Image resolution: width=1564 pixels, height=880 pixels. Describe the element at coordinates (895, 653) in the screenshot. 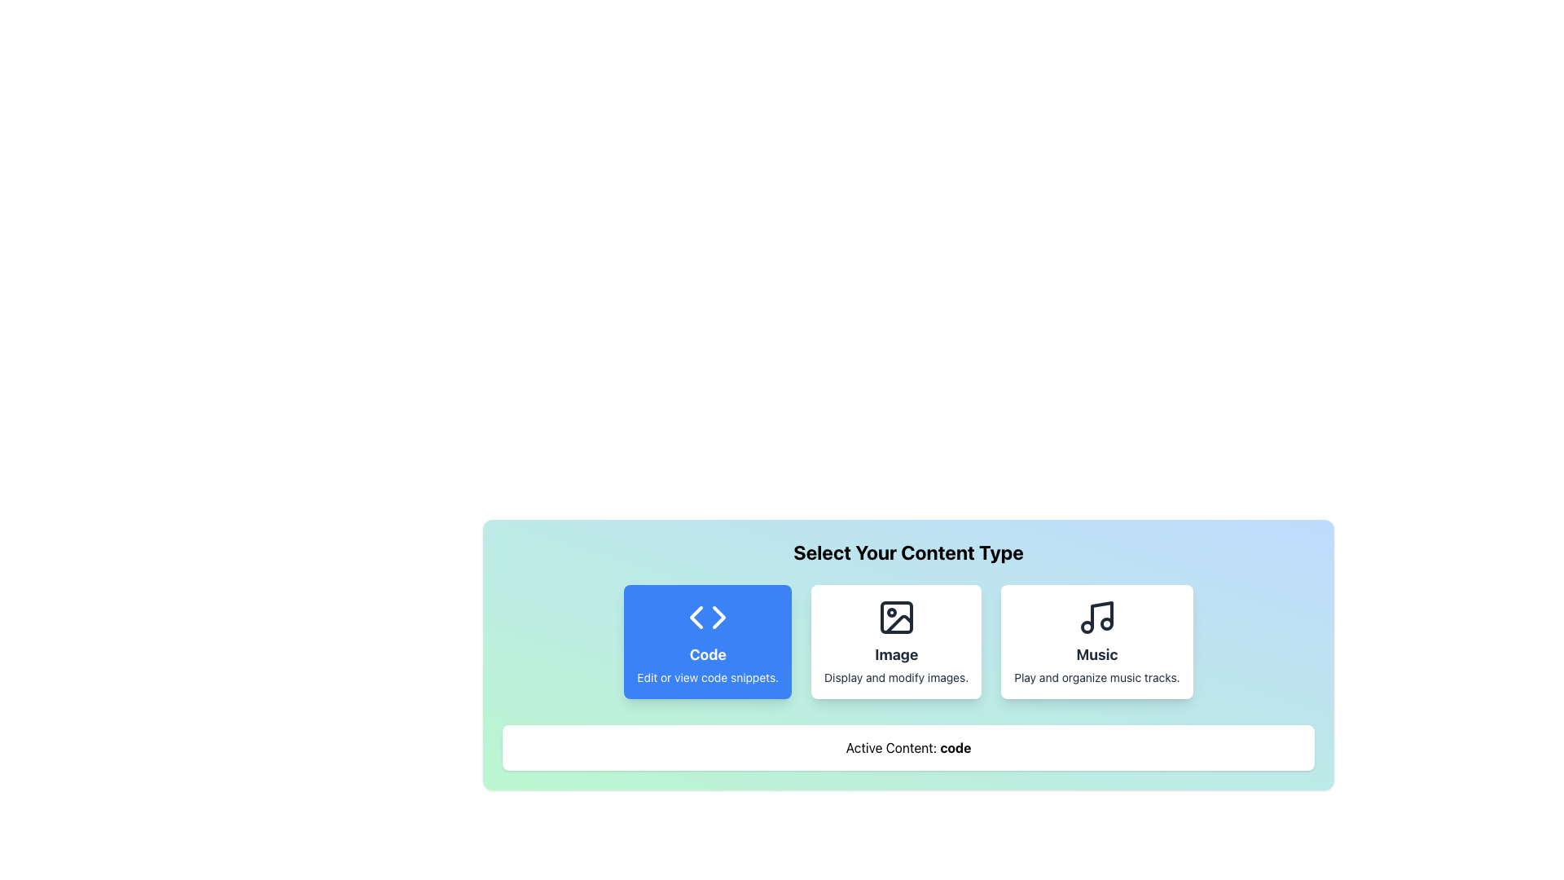

I see `the text fragment displaying the word 'Image' which is centrally aligned within its card and positioned below an image icon` at that location.